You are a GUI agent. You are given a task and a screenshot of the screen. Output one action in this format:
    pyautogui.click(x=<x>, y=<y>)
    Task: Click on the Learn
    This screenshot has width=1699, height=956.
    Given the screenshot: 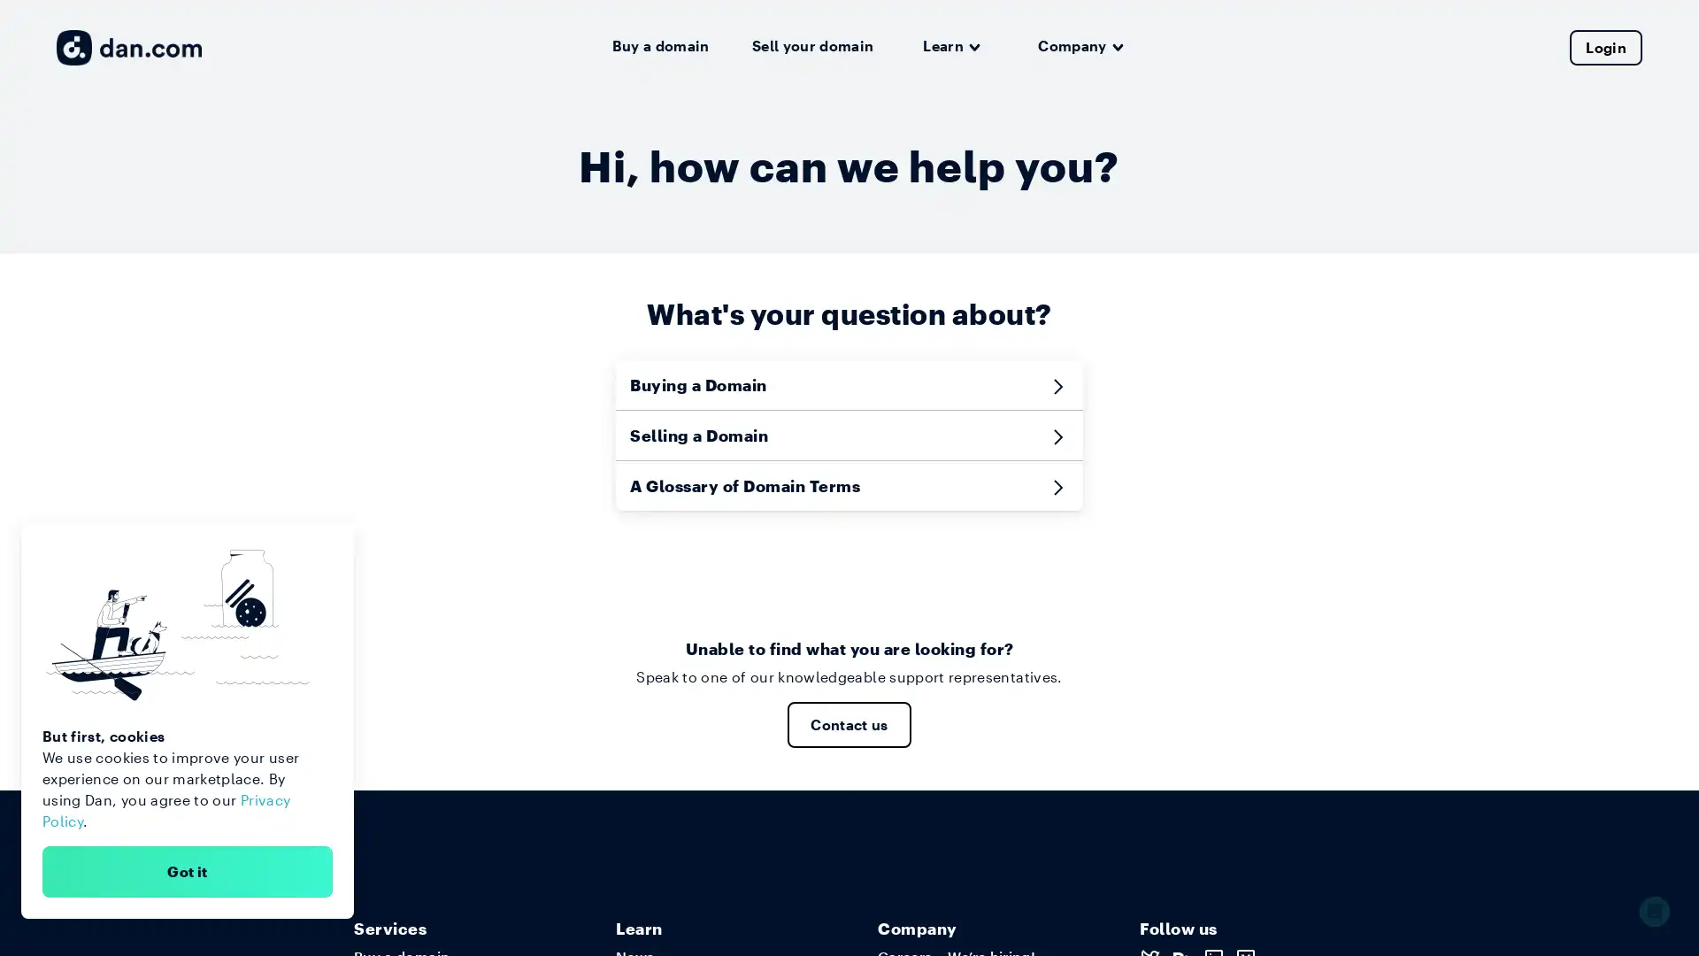 What is the action you would take?
    pyautogui.click(x=950, y=46)
    